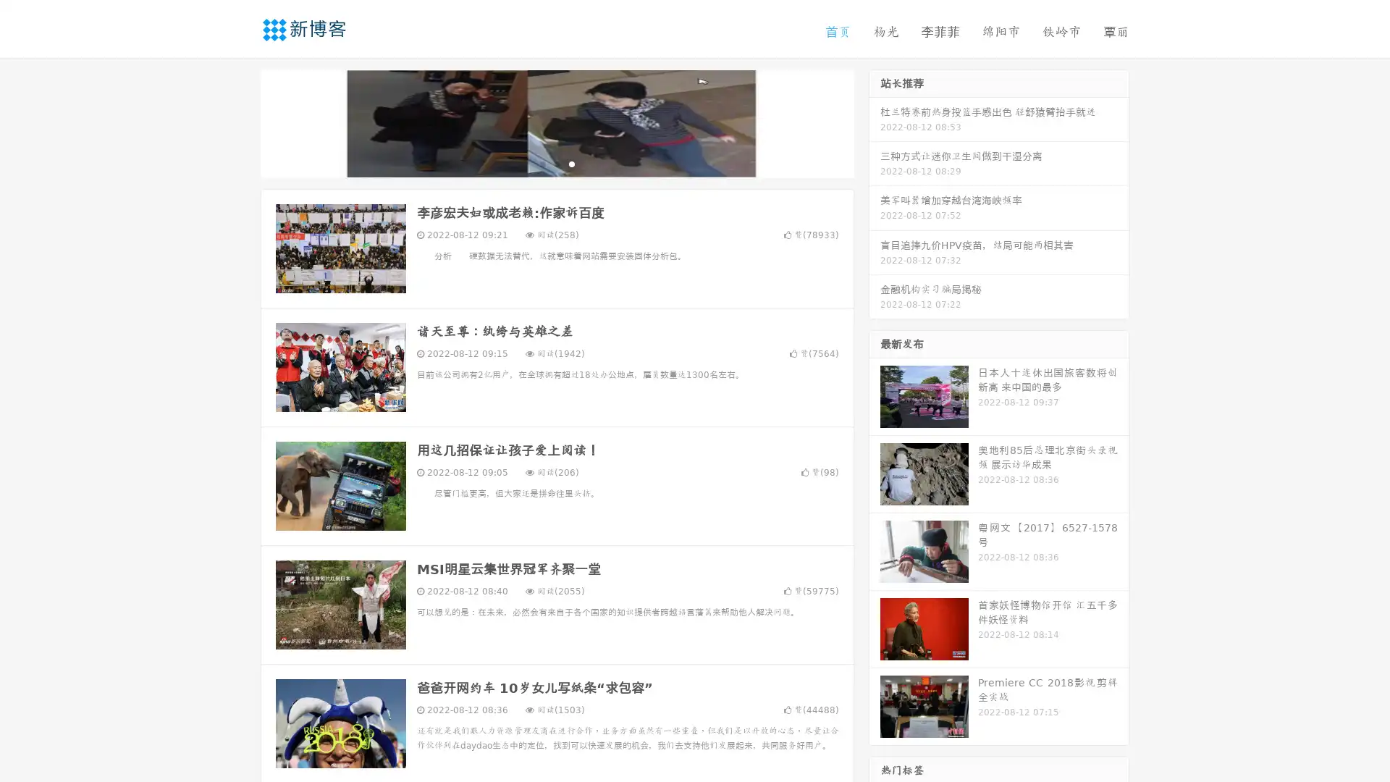 The height and width of the screenshot is (782, 1390). What do you see at coordinates (571, 163) in the screenshot?
I see `Go to slide 3` at bounding box center [571, 163].